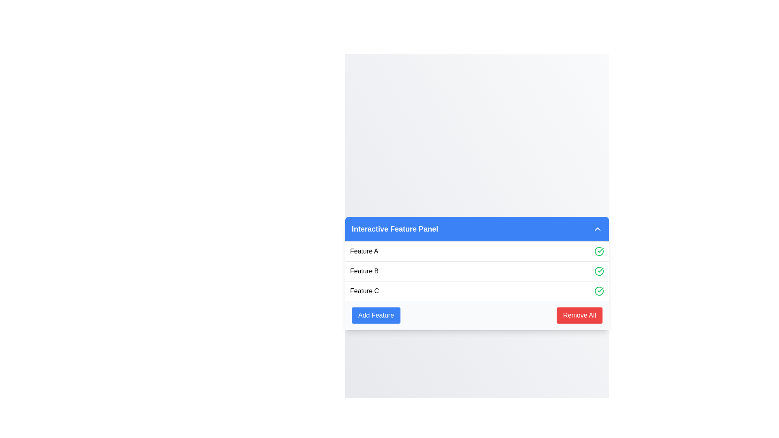 This screenshot has height=438, width=779. Describe the element at coordinates (375, 315) in the screenshot. I see `the 'Add Feature' button, which is a rectangular button with rounded corners, blue background, and white text, located at the bottom-left side of the horizontal bar in the 'Interactive Feature Panel'` at that location.